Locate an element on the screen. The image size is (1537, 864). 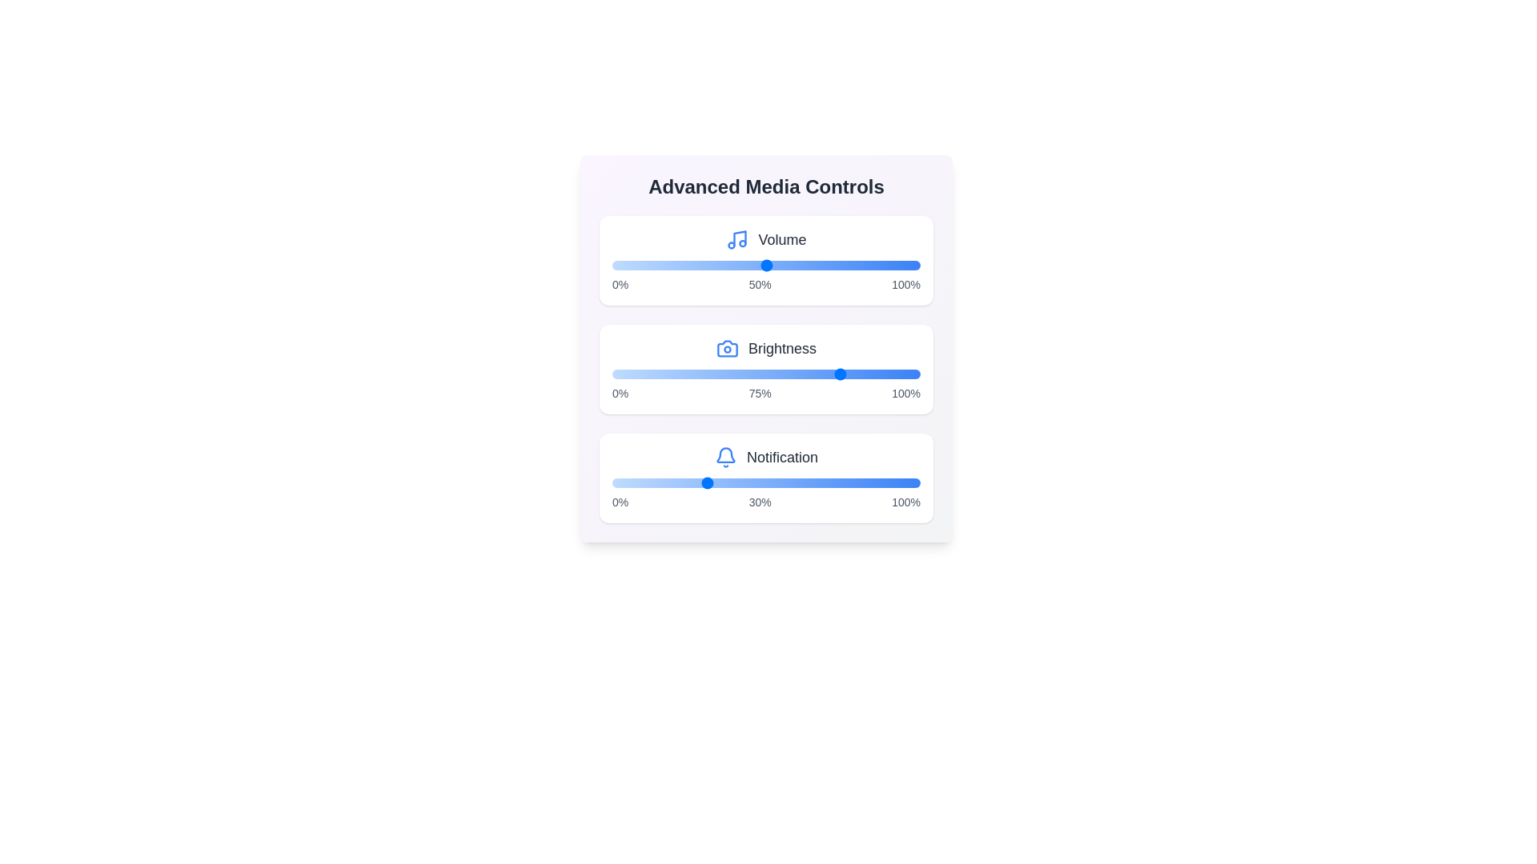
the 1 slider to 45% is located at coordinates (835, 374).